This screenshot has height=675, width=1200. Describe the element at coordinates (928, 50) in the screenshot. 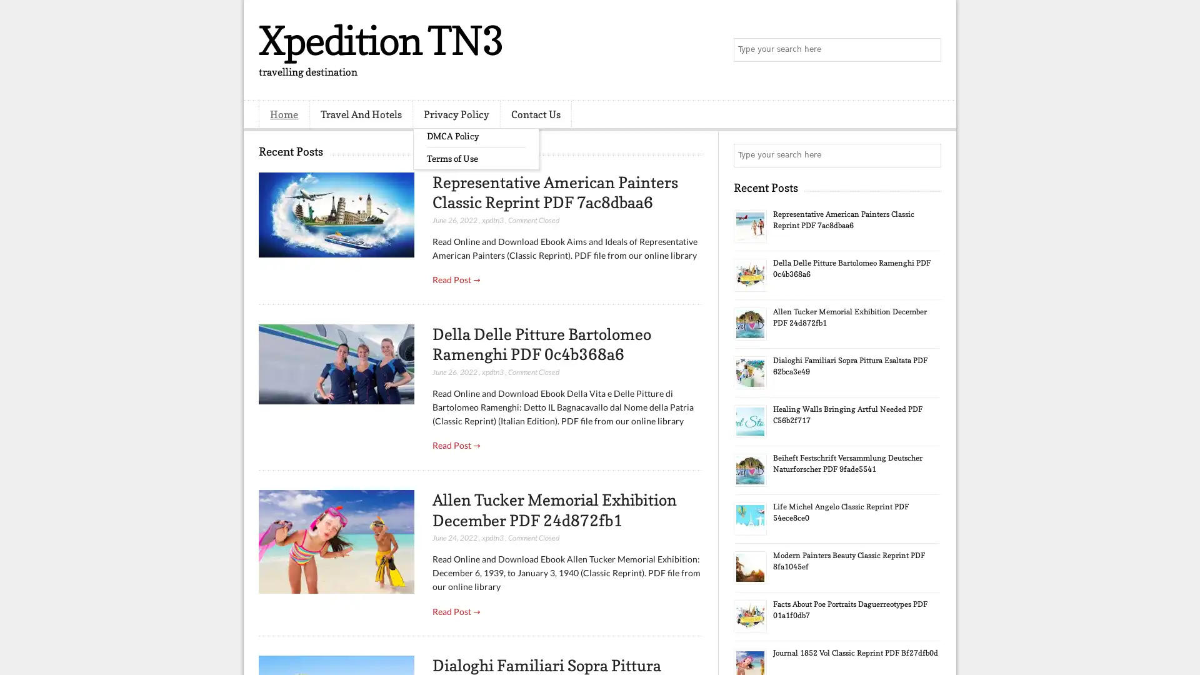

I see `Search` at that location.